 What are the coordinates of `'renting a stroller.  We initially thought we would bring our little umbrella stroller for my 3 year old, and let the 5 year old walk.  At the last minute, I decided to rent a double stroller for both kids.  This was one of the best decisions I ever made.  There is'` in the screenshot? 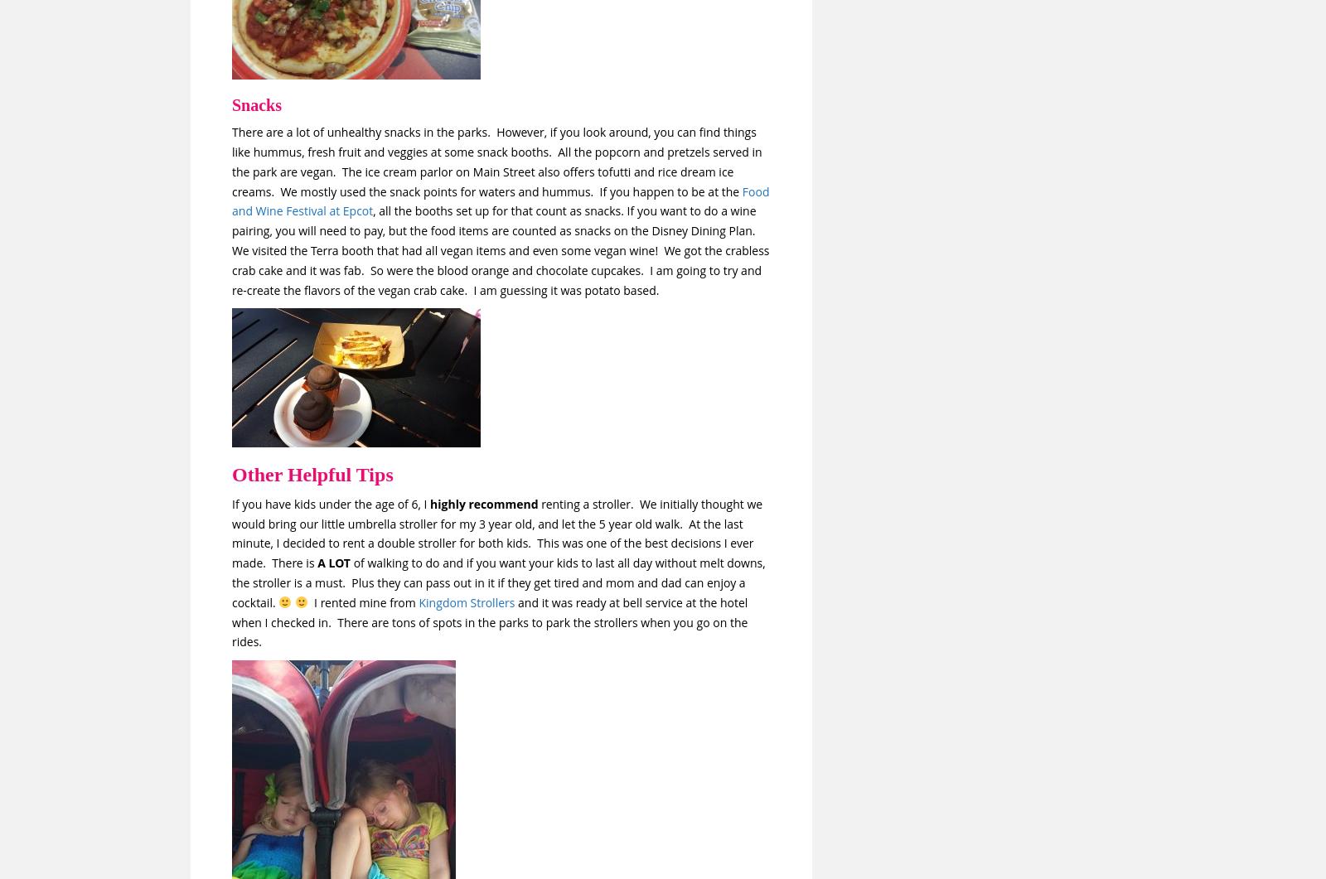 It's located at (496, 532).